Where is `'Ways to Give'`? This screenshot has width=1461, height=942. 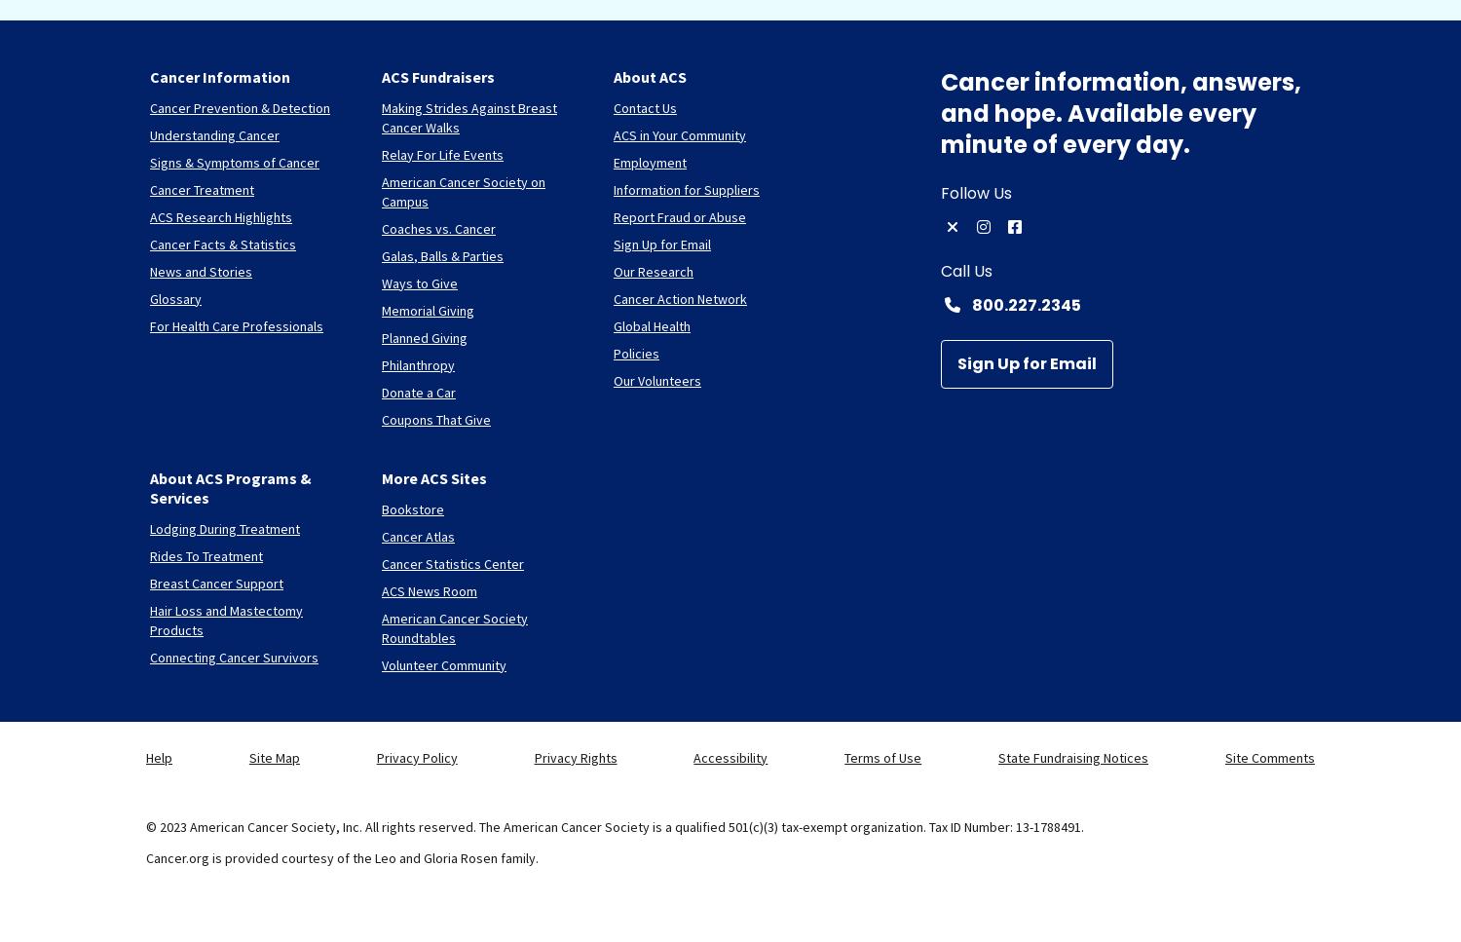 'Ways to Give' is located at coordinates (381, 282).